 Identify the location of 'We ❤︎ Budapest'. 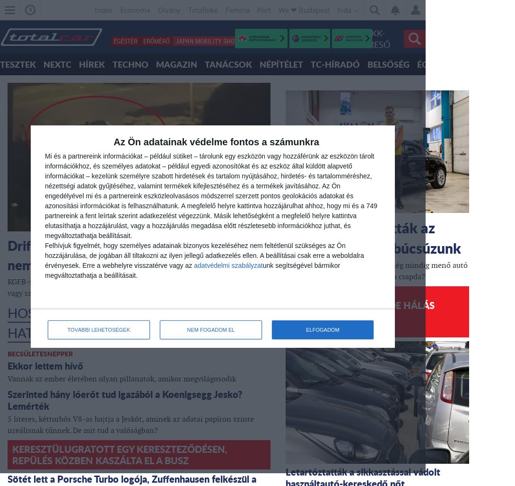
(303, 9).